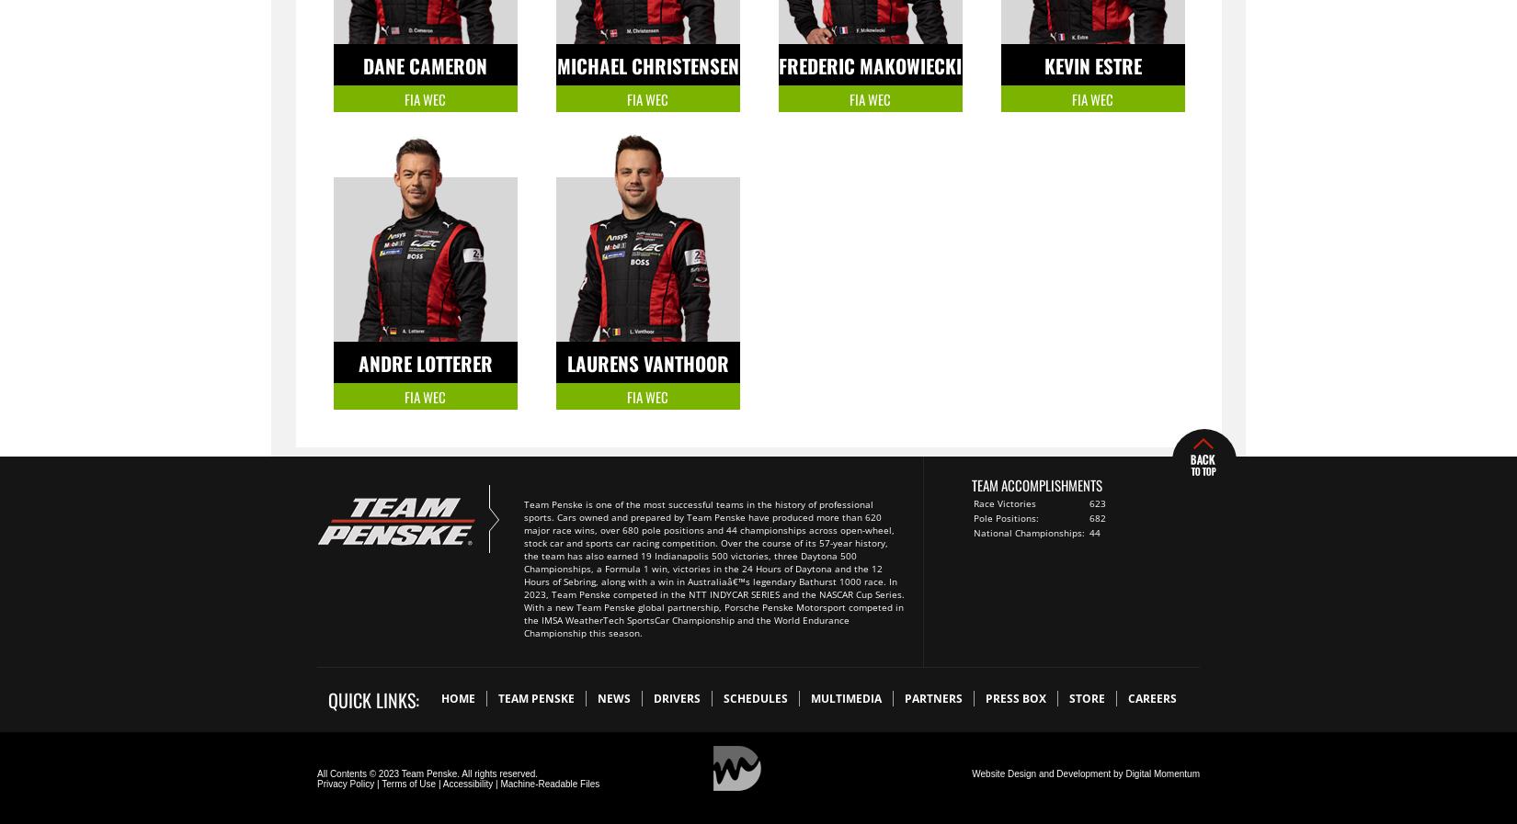 This screenshot has height=824, width=1517. What do you see at coordinates (407, 784) in the screenshot?
I see `'Terms of Use'` at bounding box center [407, 784].